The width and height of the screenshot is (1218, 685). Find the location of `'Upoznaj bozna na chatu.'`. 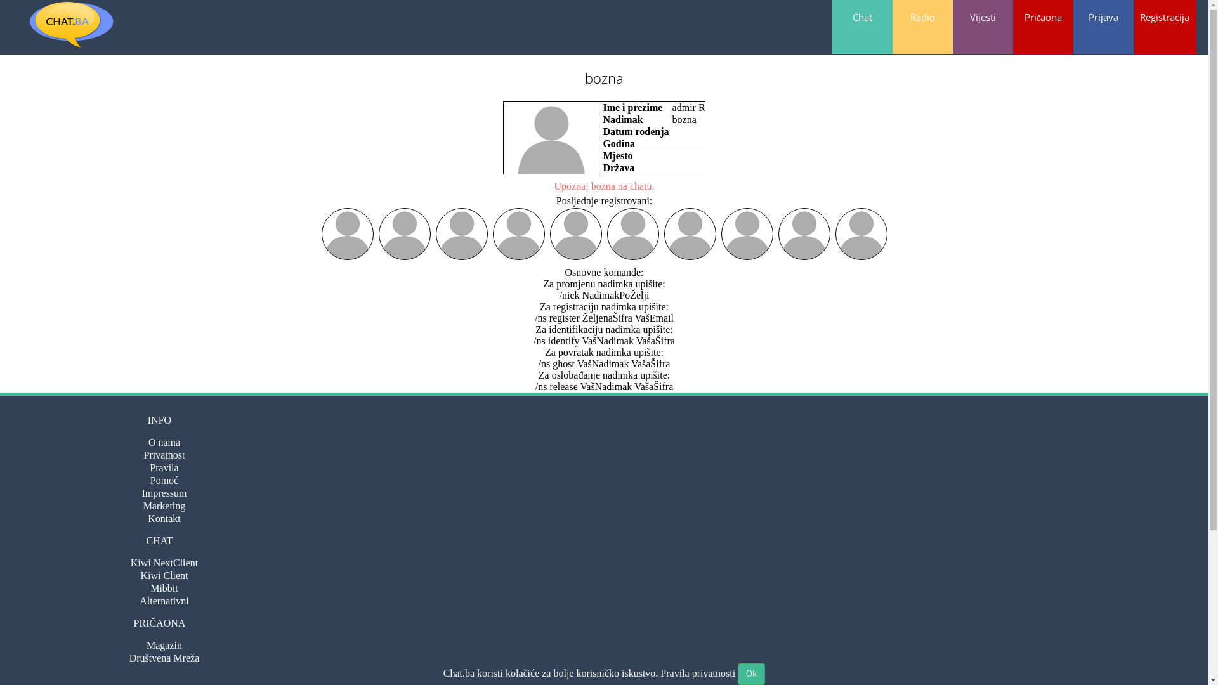

'Upoznaj bozna na chatu.' is located at coordinates (603, 186).